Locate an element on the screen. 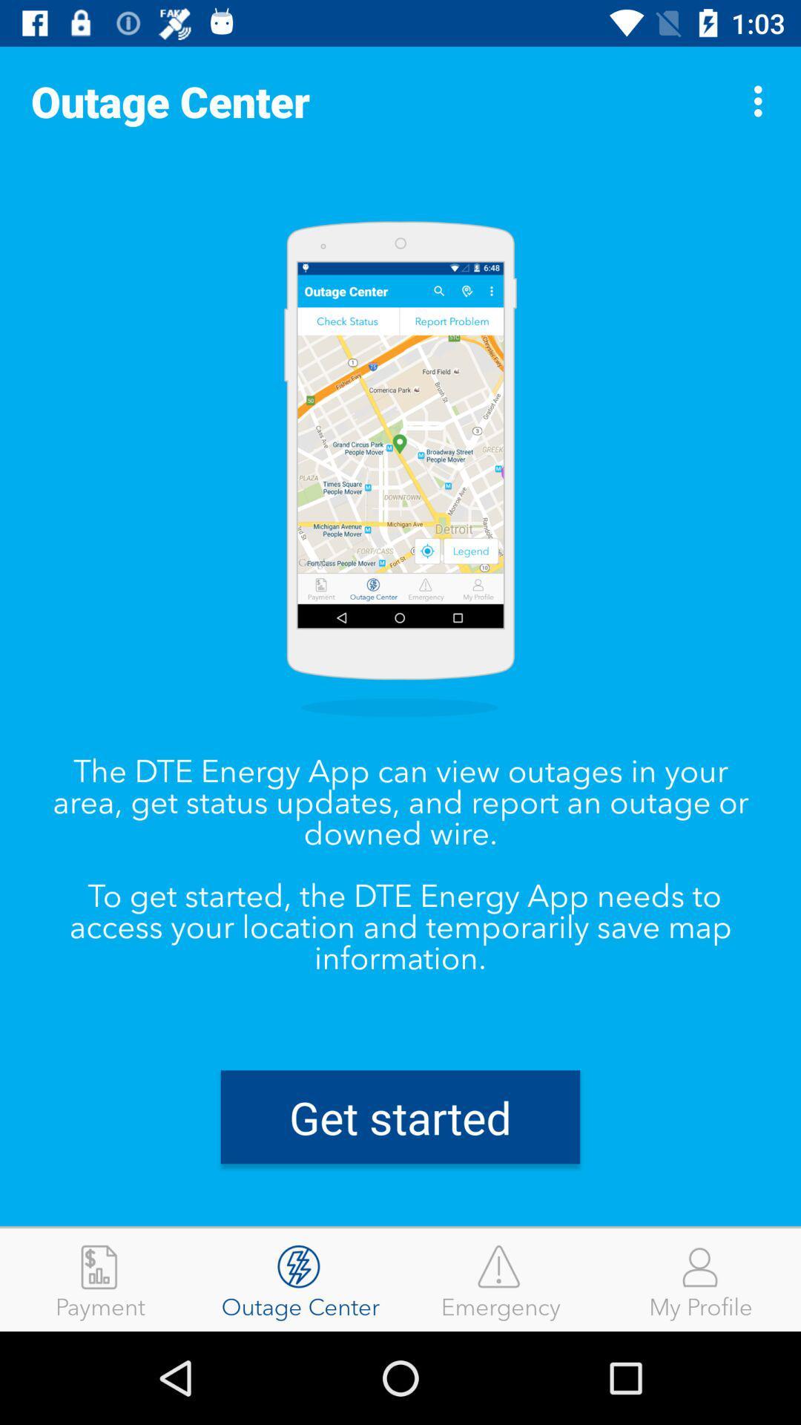 The width and height of the screenshot is (801, 1425). item to the left of the my profile icon is located at coordinates (501, 1279).